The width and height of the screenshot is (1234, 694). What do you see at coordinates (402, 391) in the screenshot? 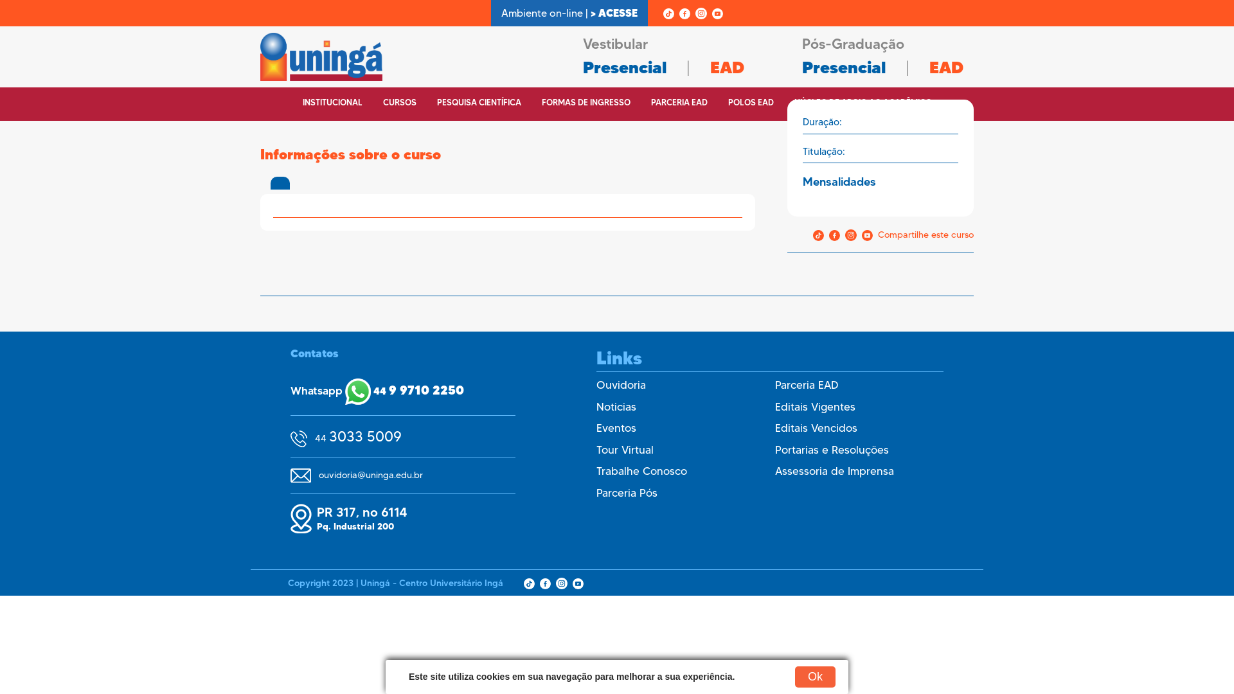
I see `'Whatsapp 44 9 9710 2250'` at bounding box center [402, 391].